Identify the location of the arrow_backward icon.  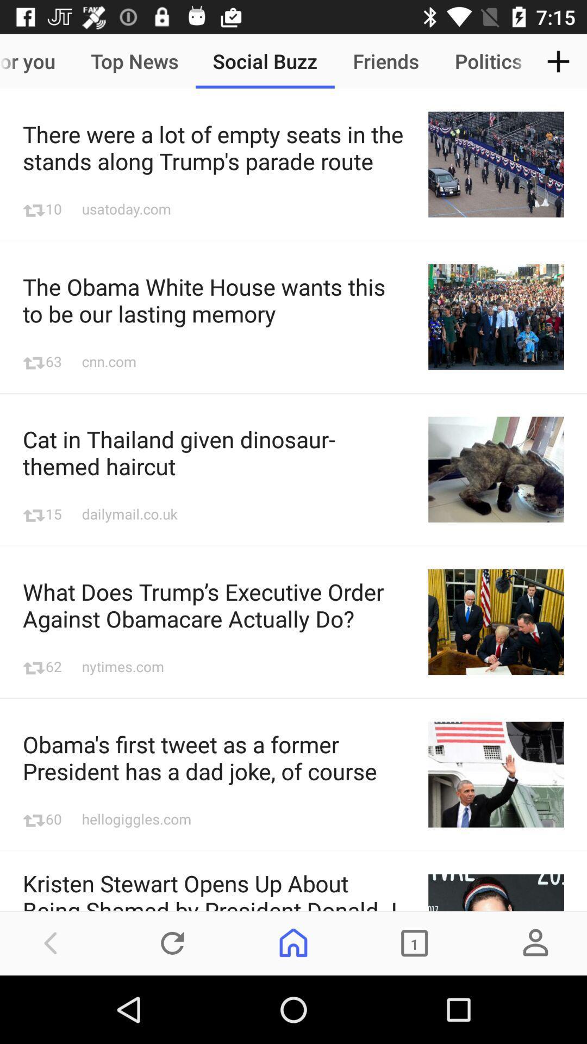
(51, 942).